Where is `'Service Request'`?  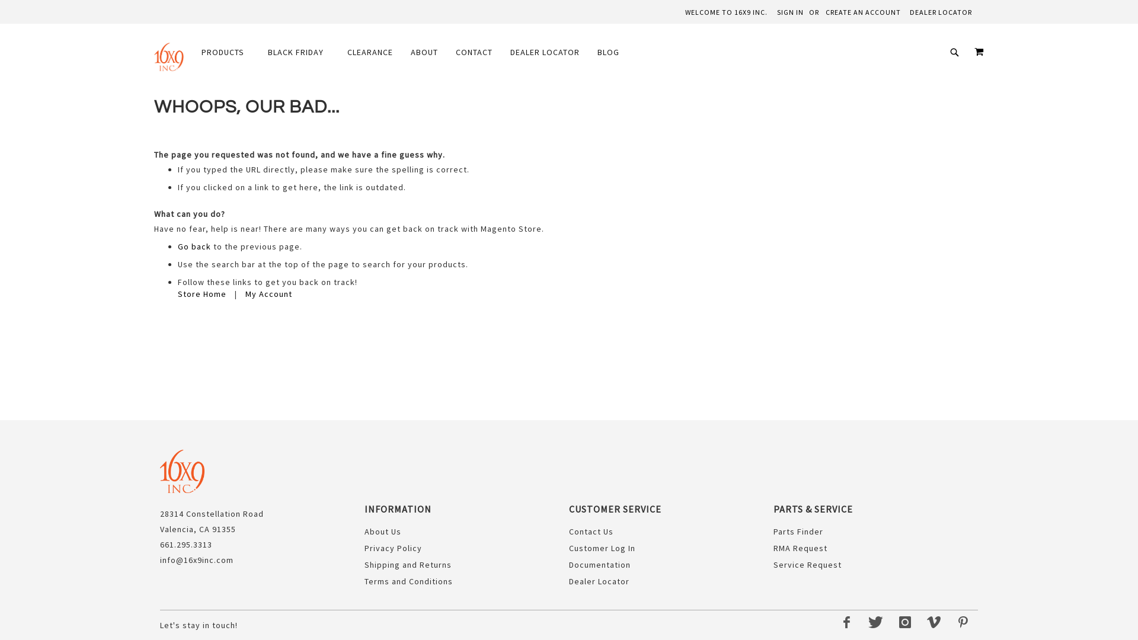 'Service Request' is located at coordinates (807, 564).